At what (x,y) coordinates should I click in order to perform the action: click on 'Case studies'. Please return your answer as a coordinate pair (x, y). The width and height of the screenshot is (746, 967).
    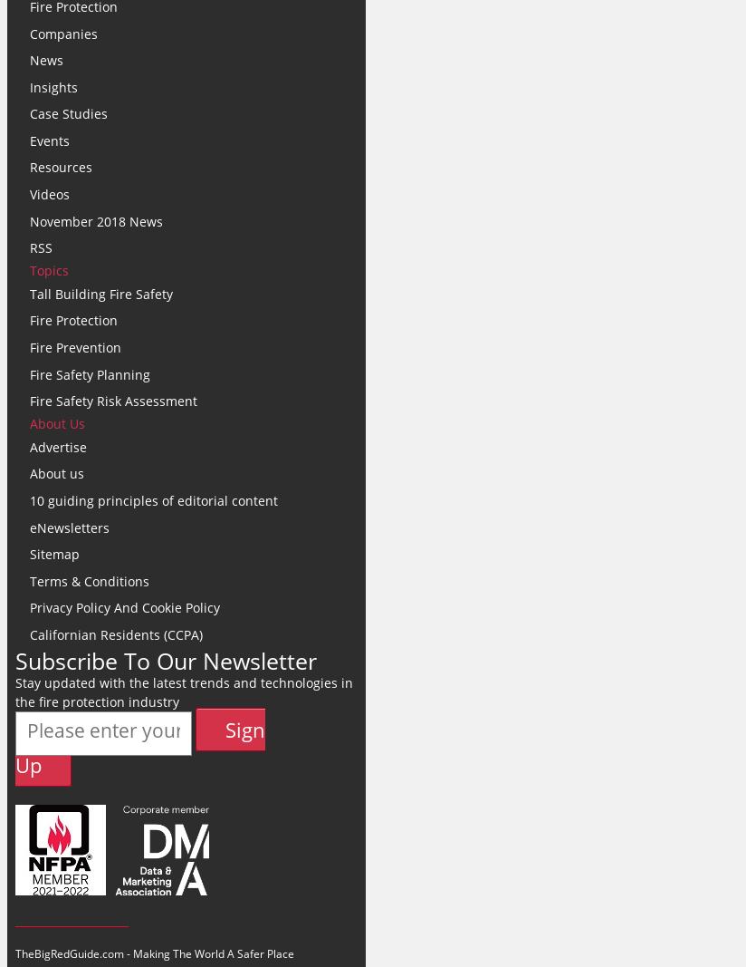
    Looking at the image, I should click on (67, 112).